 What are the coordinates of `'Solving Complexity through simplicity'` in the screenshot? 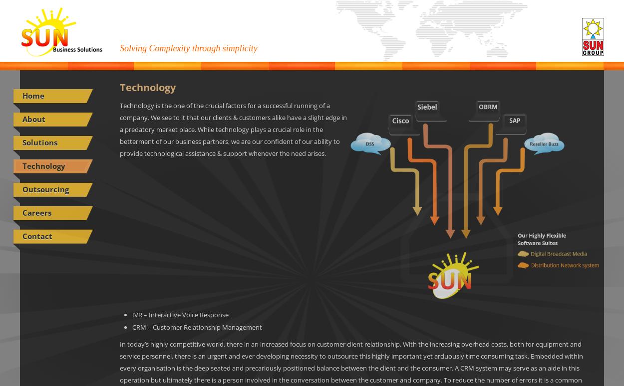 It's located at (188, 48).